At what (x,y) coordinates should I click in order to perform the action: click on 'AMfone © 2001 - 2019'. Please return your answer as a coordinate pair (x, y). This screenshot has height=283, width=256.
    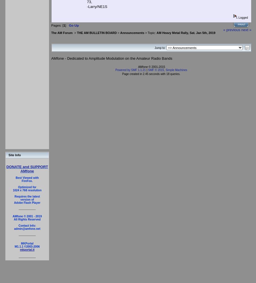
    Looking at the image, I should click on (12, 216).